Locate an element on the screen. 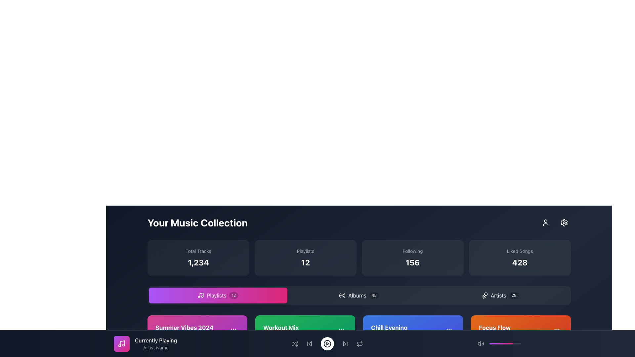  the circular button with a white background and dark play icon located in the bottom playback bar is located at coordinates (327, 343).